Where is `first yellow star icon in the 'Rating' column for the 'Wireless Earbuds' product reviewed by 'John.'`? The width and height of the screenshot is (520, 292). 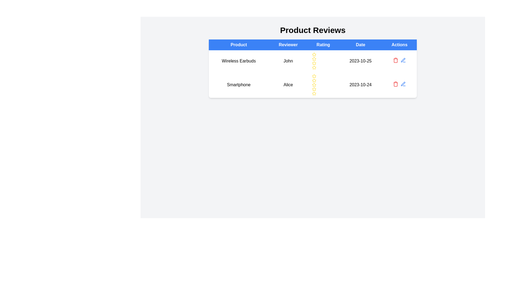 first yellow star icon in the 'Rating' column for the 'Wireless Earbuds' product reviewed by 'John.' is located at coordinates (314, 54).